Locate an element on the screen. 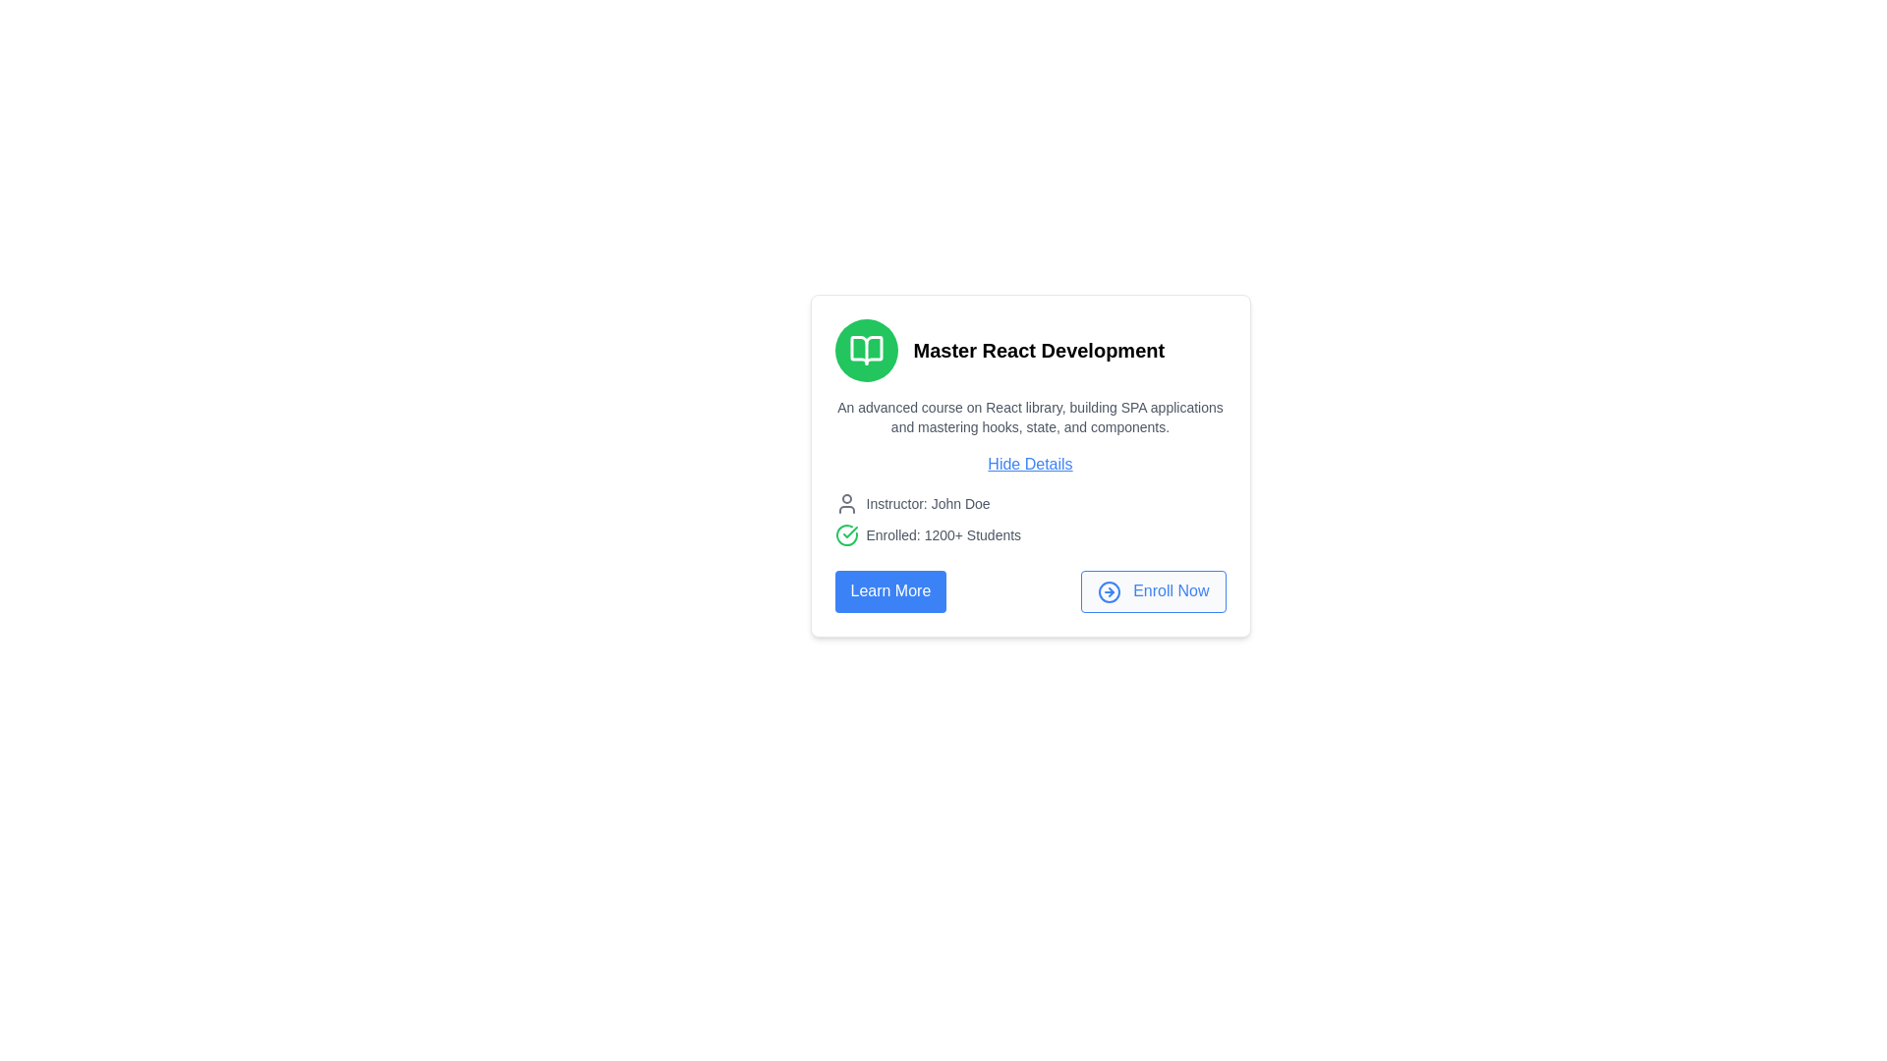 This screenshot has height=1061, width=1887. the second text element within the component card that provides a summary description of the React course, located below the heading 'Master React Development' and above the 'Hide Details' link is located at coordinates (1029, 416).